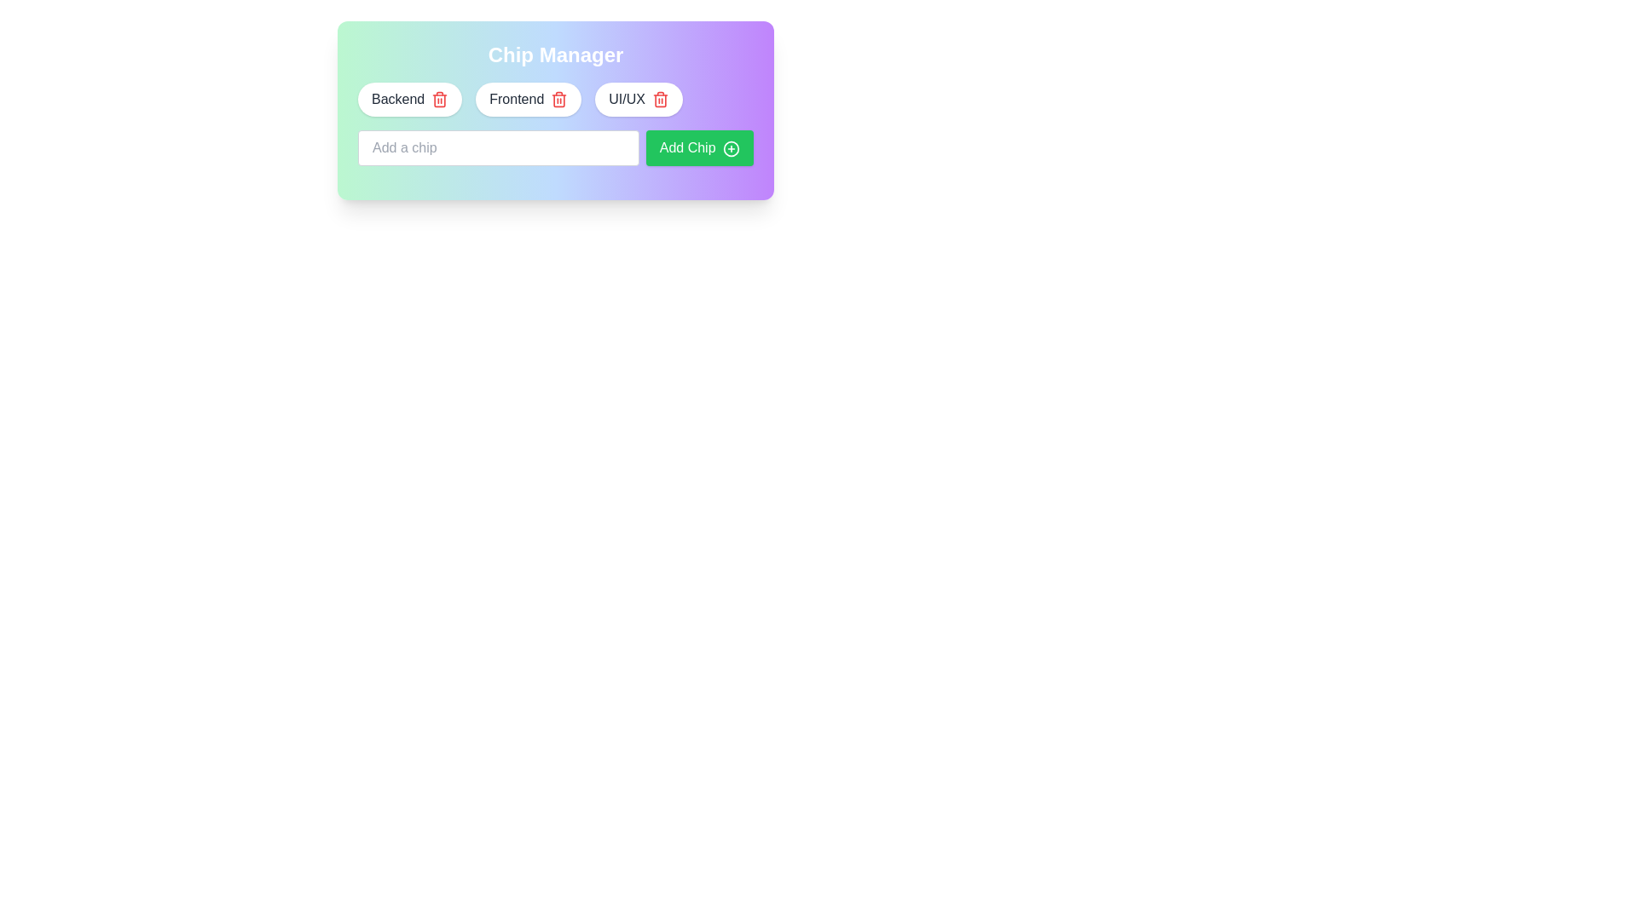  I want to click on the red trash bin icon, so click(559, 99).